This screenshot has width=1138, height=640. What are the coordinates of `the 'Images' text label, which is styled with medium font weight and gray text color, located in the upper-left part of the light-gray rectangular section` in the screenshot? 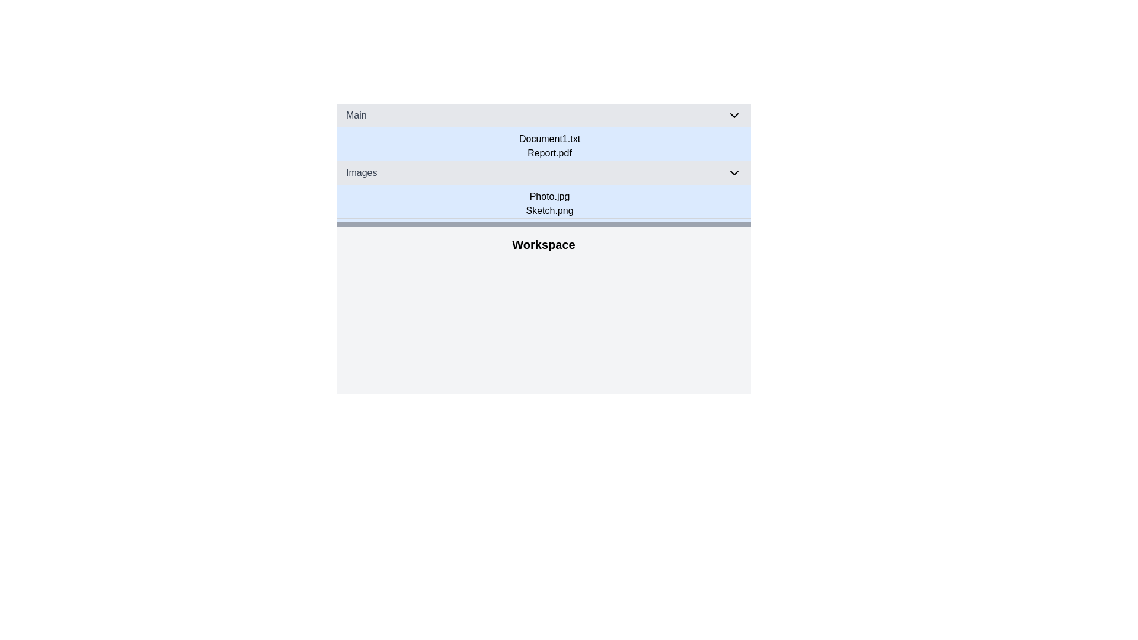 It's located at (361, 173).